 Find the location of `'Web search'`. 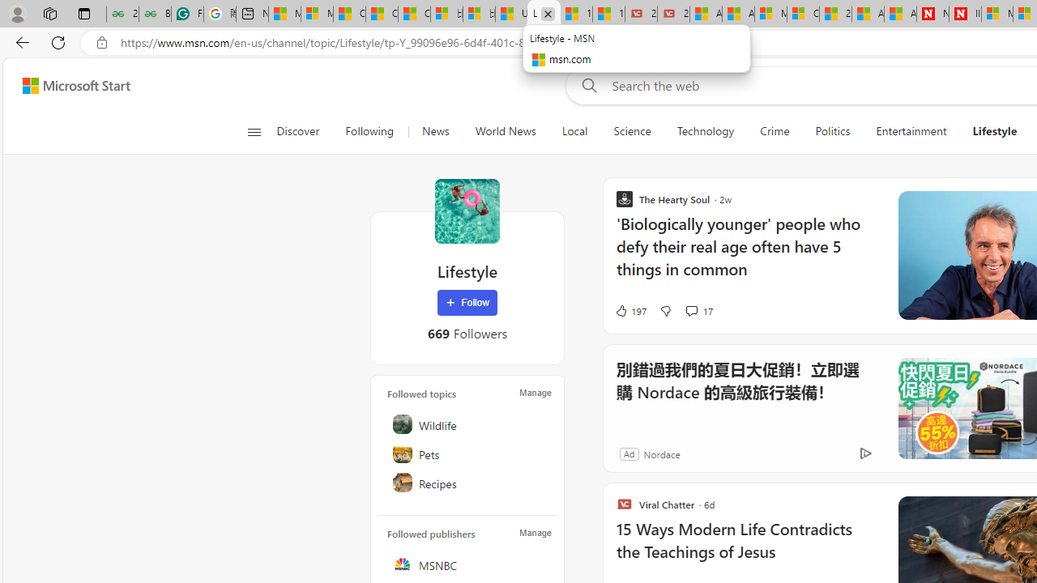

'Web search' is located at coordinates (586, 85).